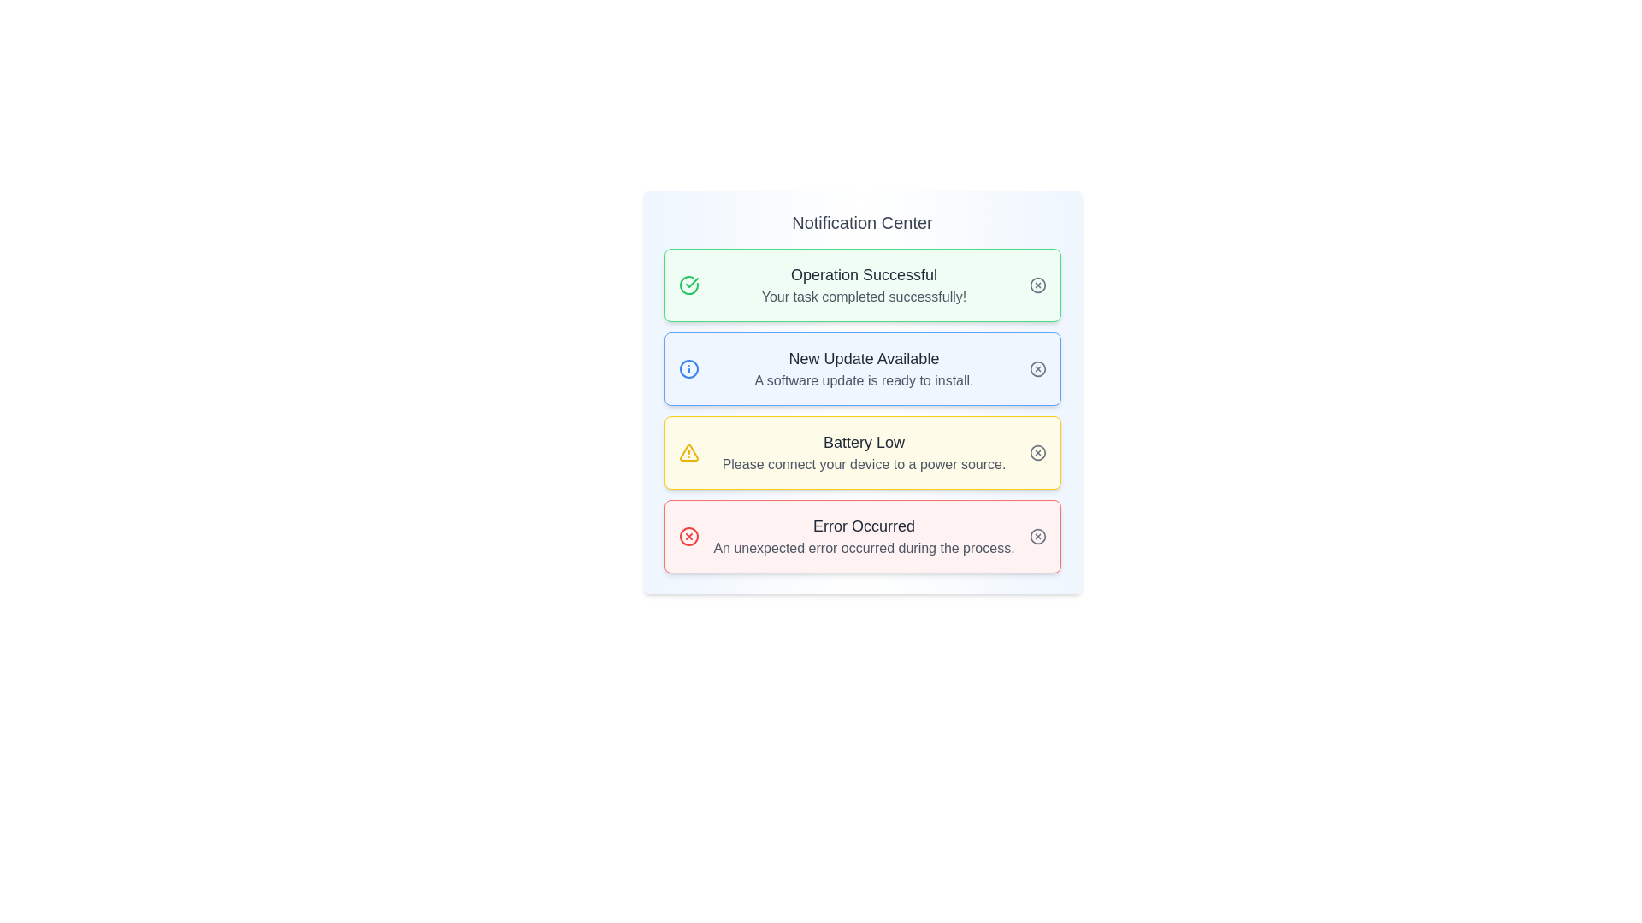 This screenshot has height=923, width=1642. What do you see at coordinates (1037, 451) in the screenshot?
I see `the dismiss button located in the top-right corner of the 'Battery Low' notification box` at bounding box center [1037, 451].